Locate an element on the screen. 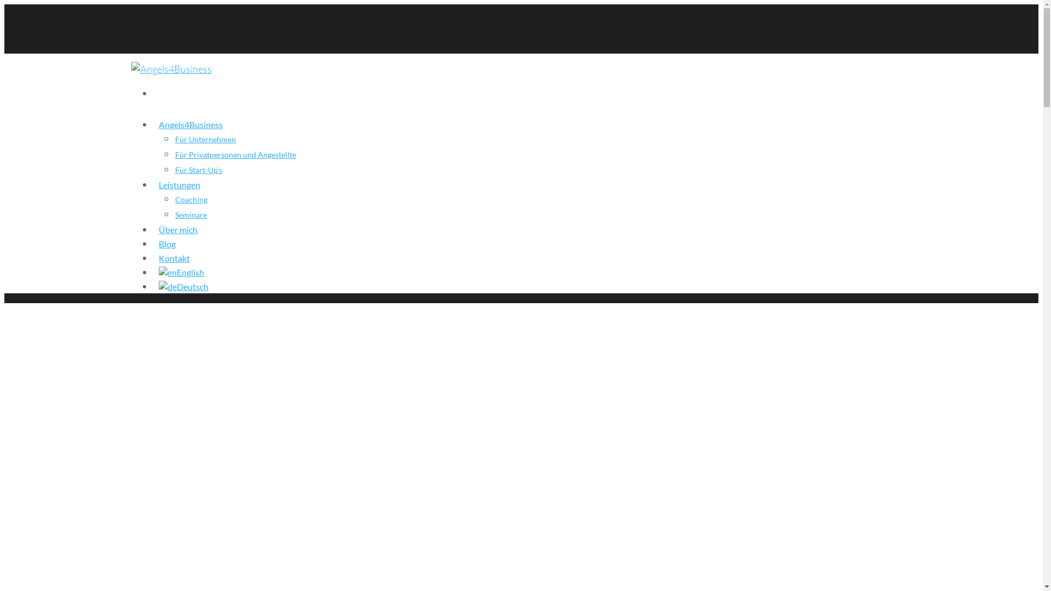 The image size is (1051, 591). 'Kontakt' is located at coordinates (174, 262).